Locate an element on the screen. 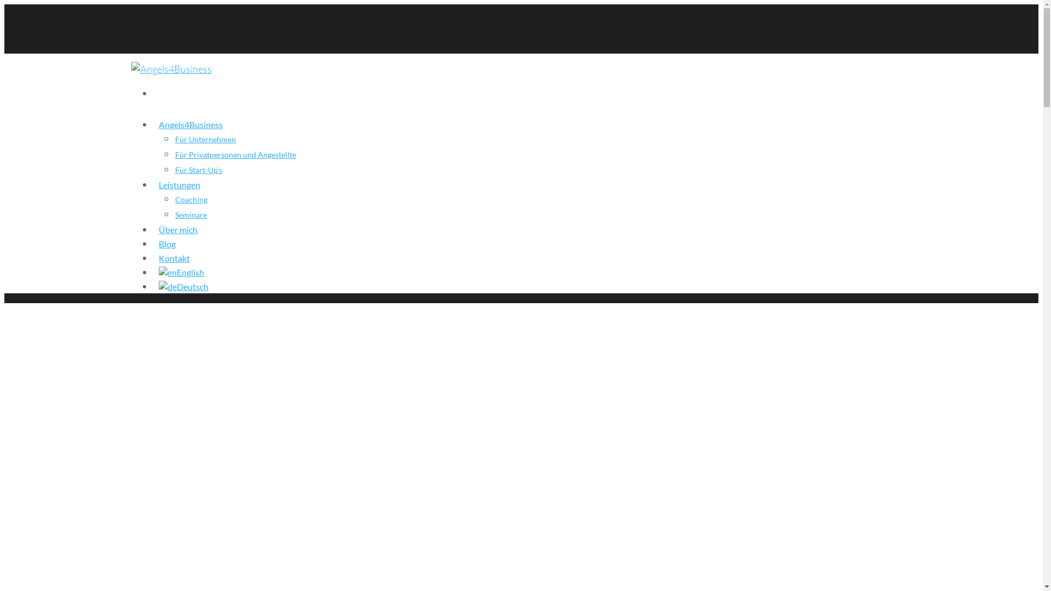 The image size is (1051, 591). 'Kontakt' is located at coordinates (174, 262).